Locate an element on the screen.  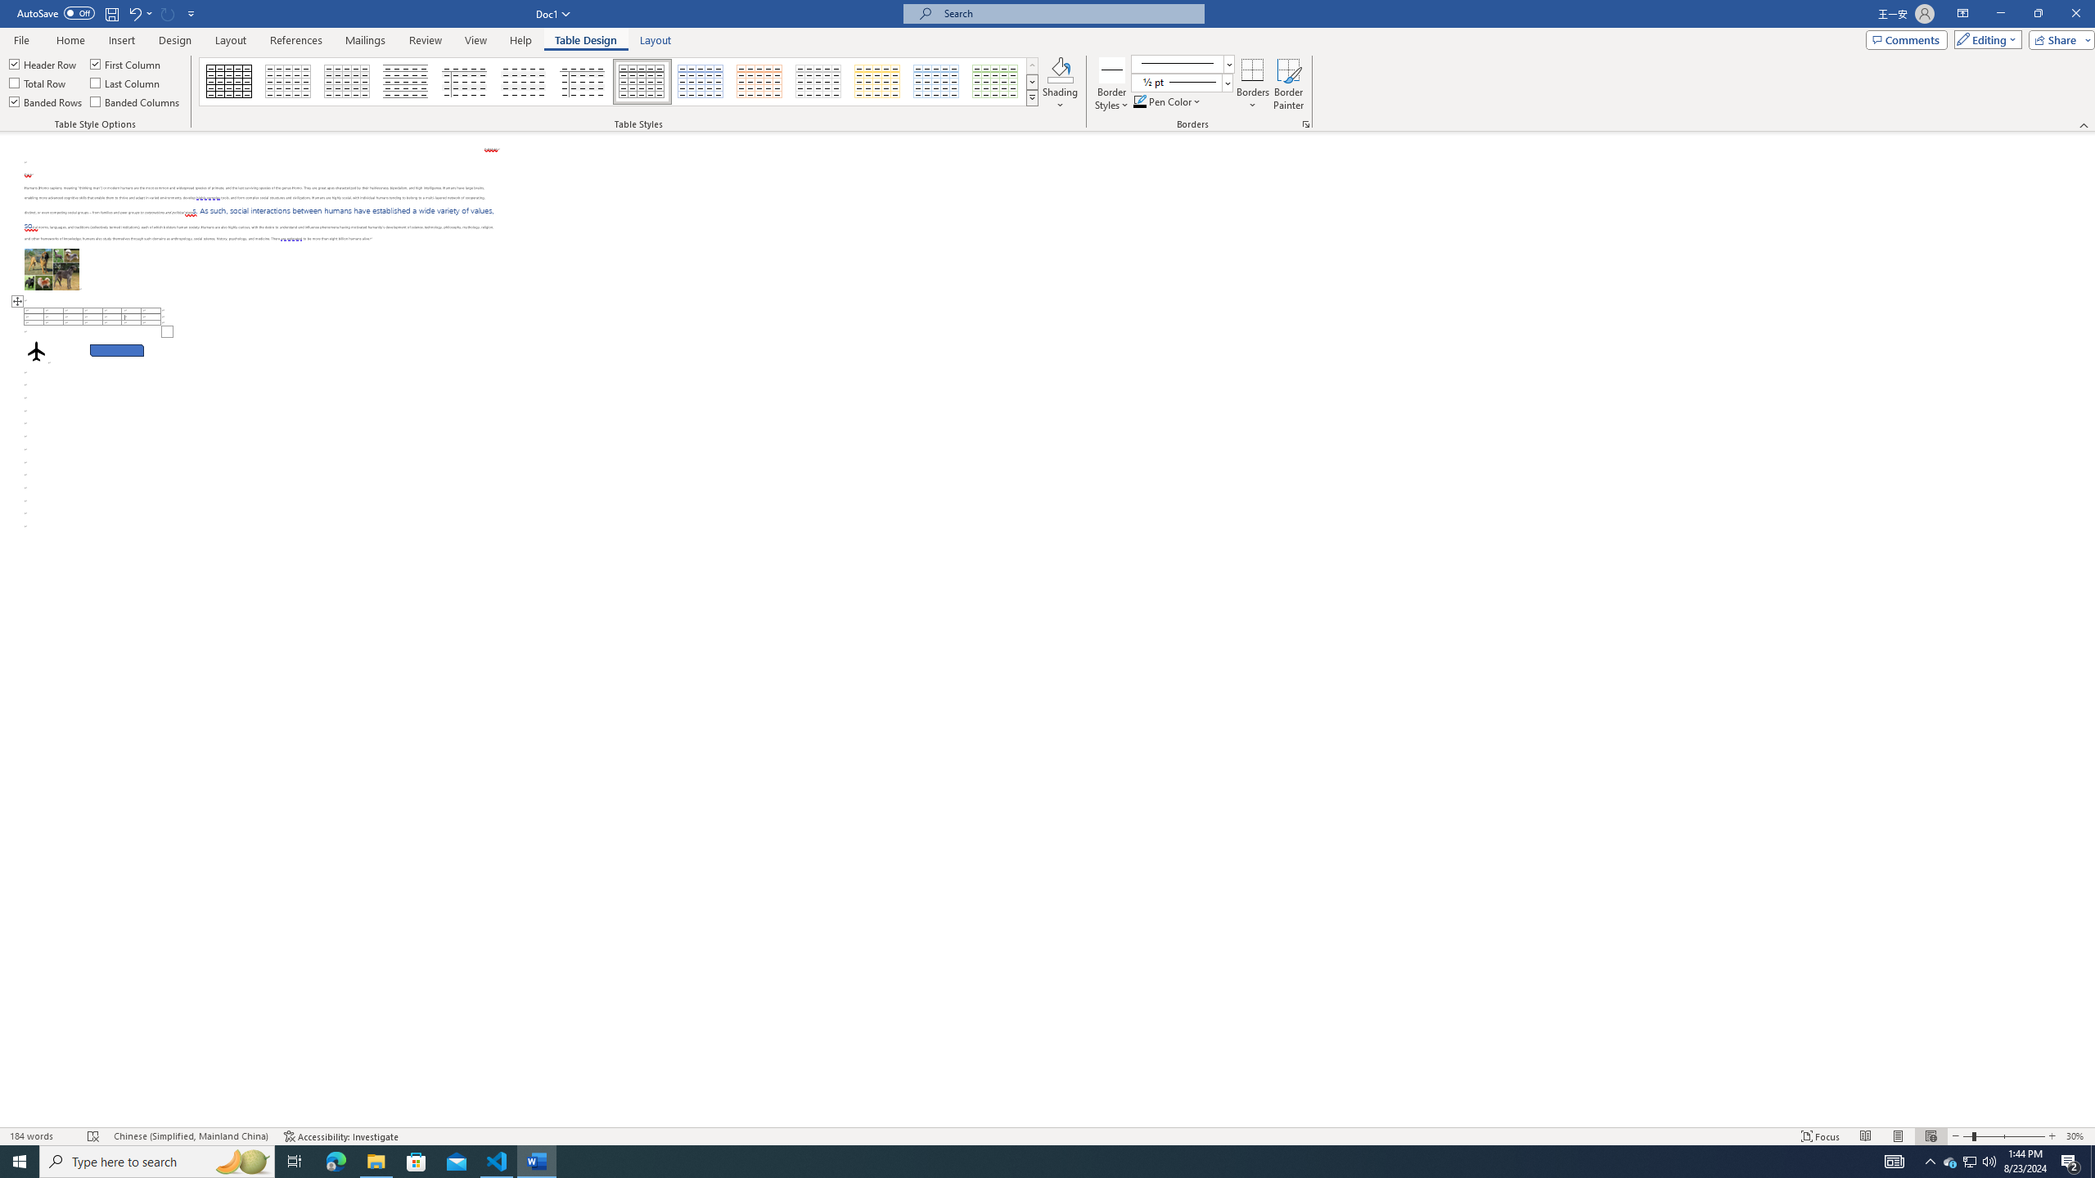
'Banded Columns' is located at coordinates (136, 100).